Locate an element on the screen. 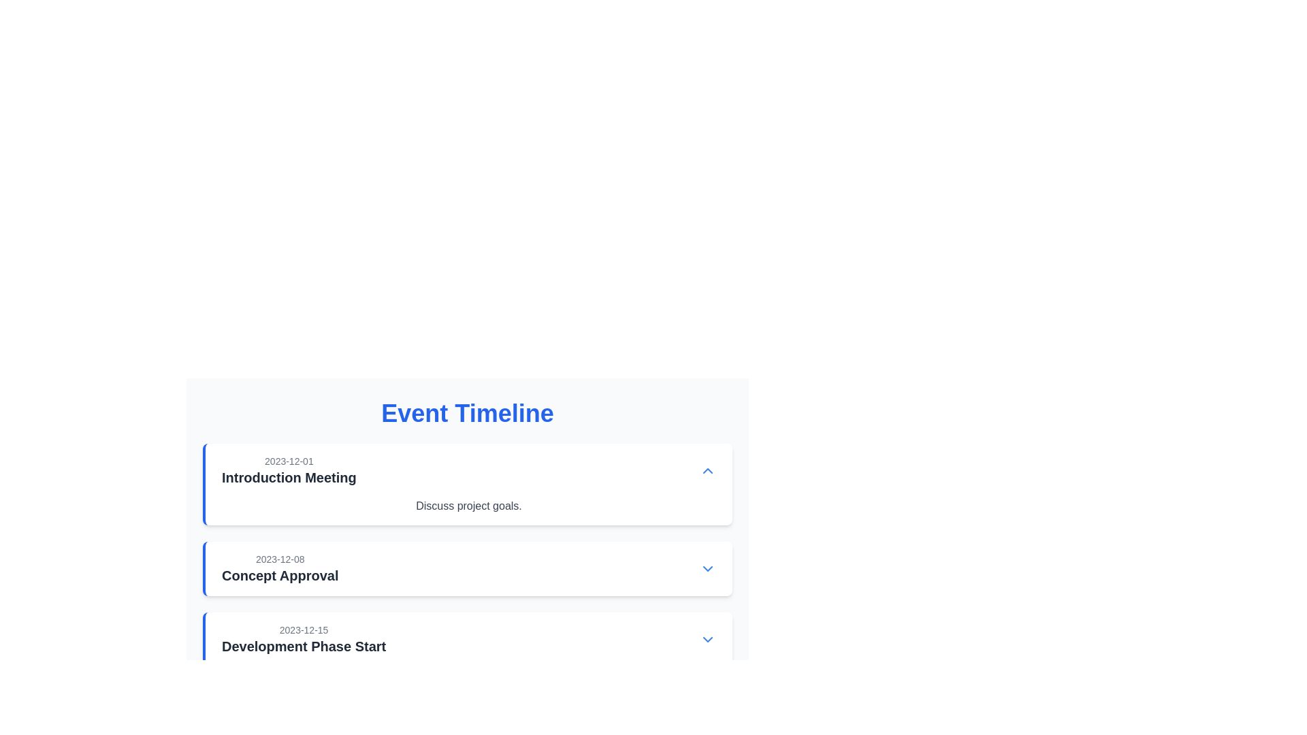 This screenshot has width=1307, height=735. the first text element in the 'Event Timeline' section, which represents a title and subtitle for the event, located above the description 'Discuss project goals.' is located at coordinates (288, 470).